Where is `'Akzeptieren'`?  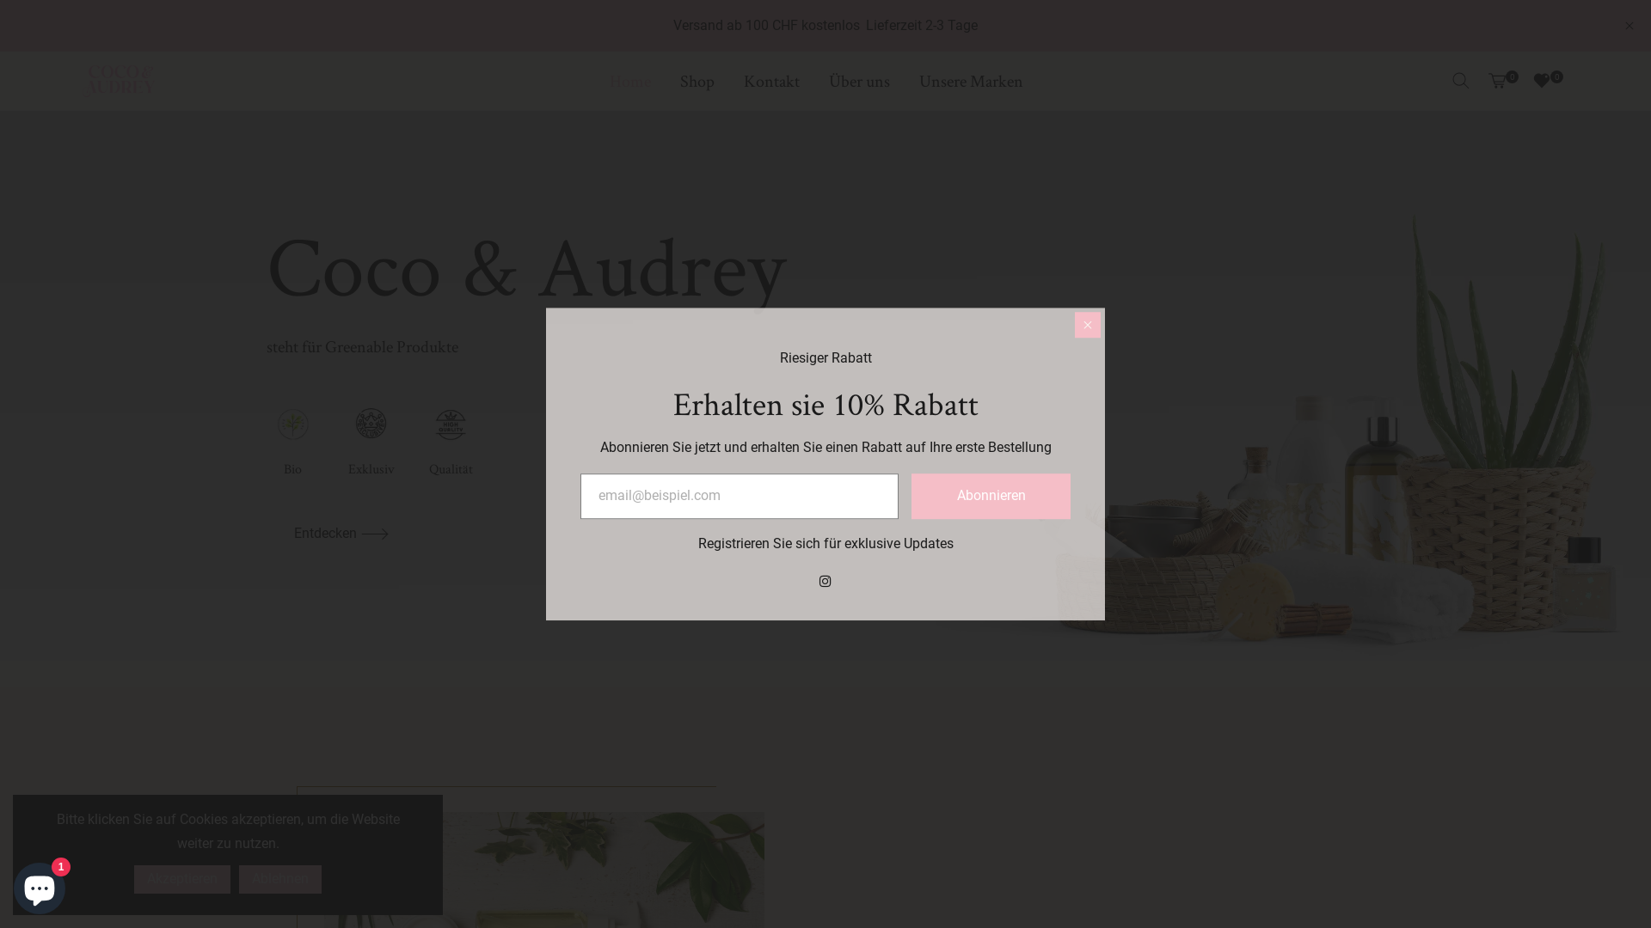
'Akzeptieren' is located at coordinates (133, 879).